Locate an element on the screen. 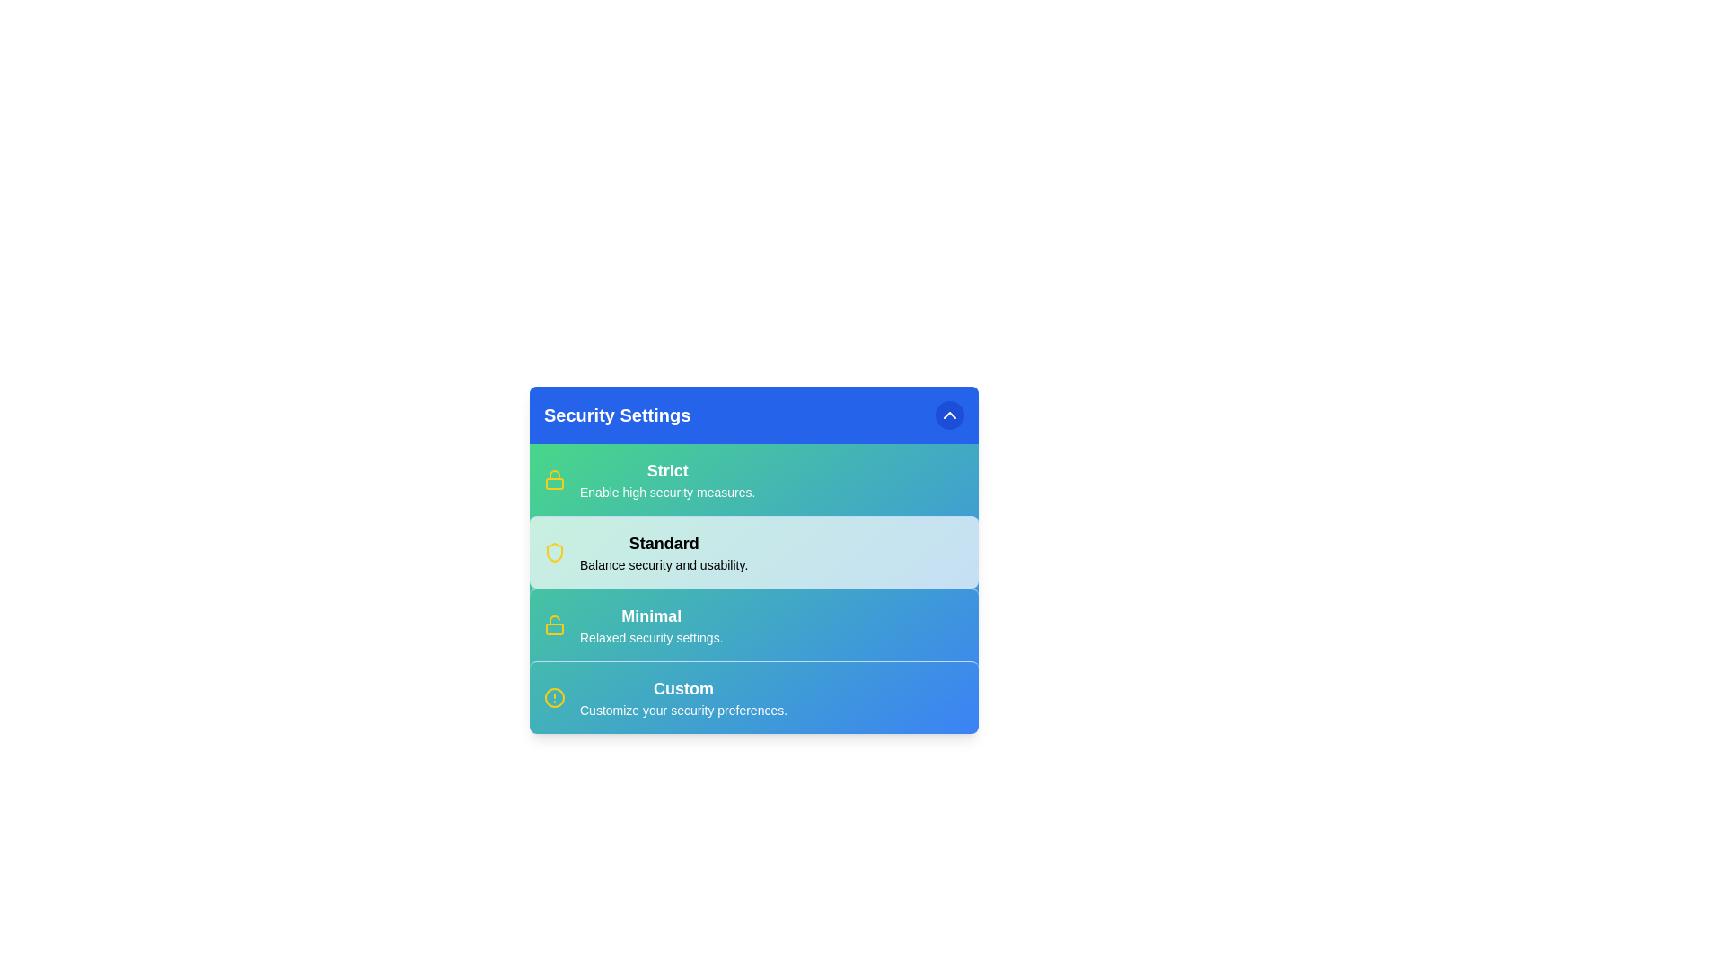 Image resolution: width=1724 pixels, height=969 pixels. the security option Minimal to read its description is located at coordinates (650, 615).